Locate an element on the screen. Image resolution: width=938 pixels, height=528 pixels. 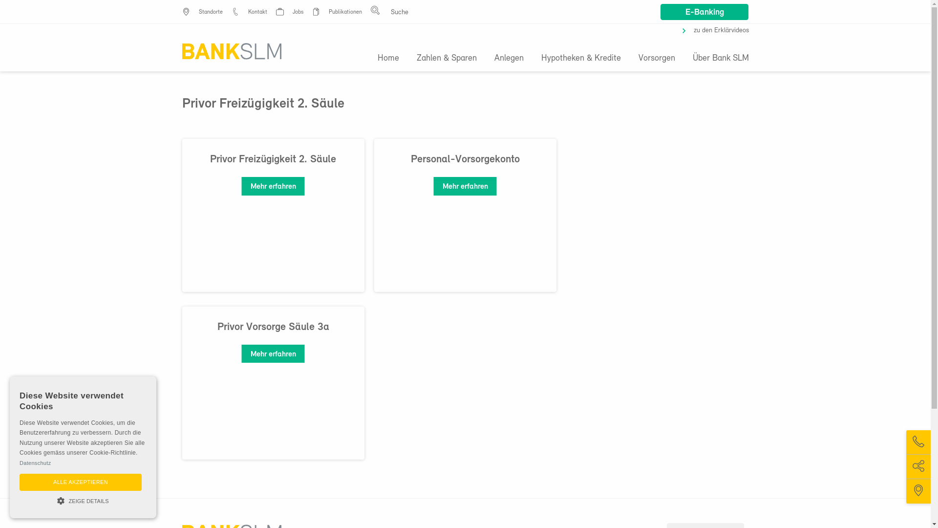
'Datenschutz' is located at coordinates (35, 462).